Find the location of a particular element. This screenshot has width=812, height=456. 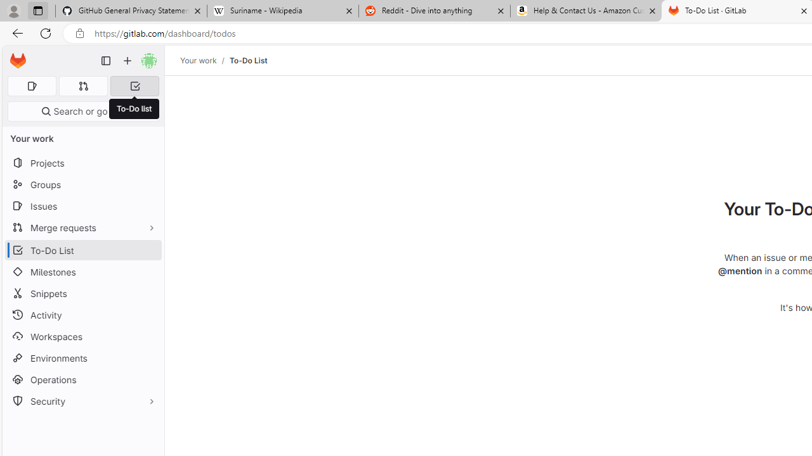

'Merge requests 0' is located at coordinates (82, 85).